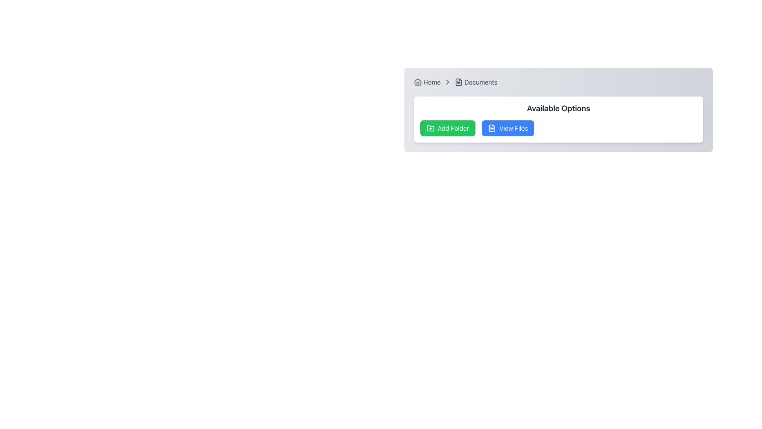  What do you see at coordinates (448, 128) in the screenshot?
I see `the 'Add Folder' button located in the 'Available Options' section, which is the first button from the left, to initiate the folder creation process` at bounding box center [448, 128].